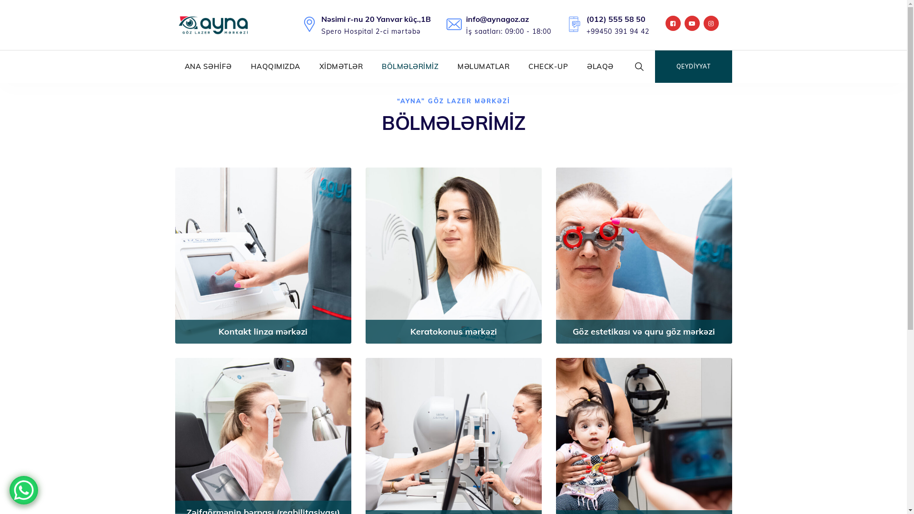 The image size is (914, 514). What do you see at coordinates (263, 255) in the screenshot?
I see `'2E7A9443'` at bounding box center [263, 255].